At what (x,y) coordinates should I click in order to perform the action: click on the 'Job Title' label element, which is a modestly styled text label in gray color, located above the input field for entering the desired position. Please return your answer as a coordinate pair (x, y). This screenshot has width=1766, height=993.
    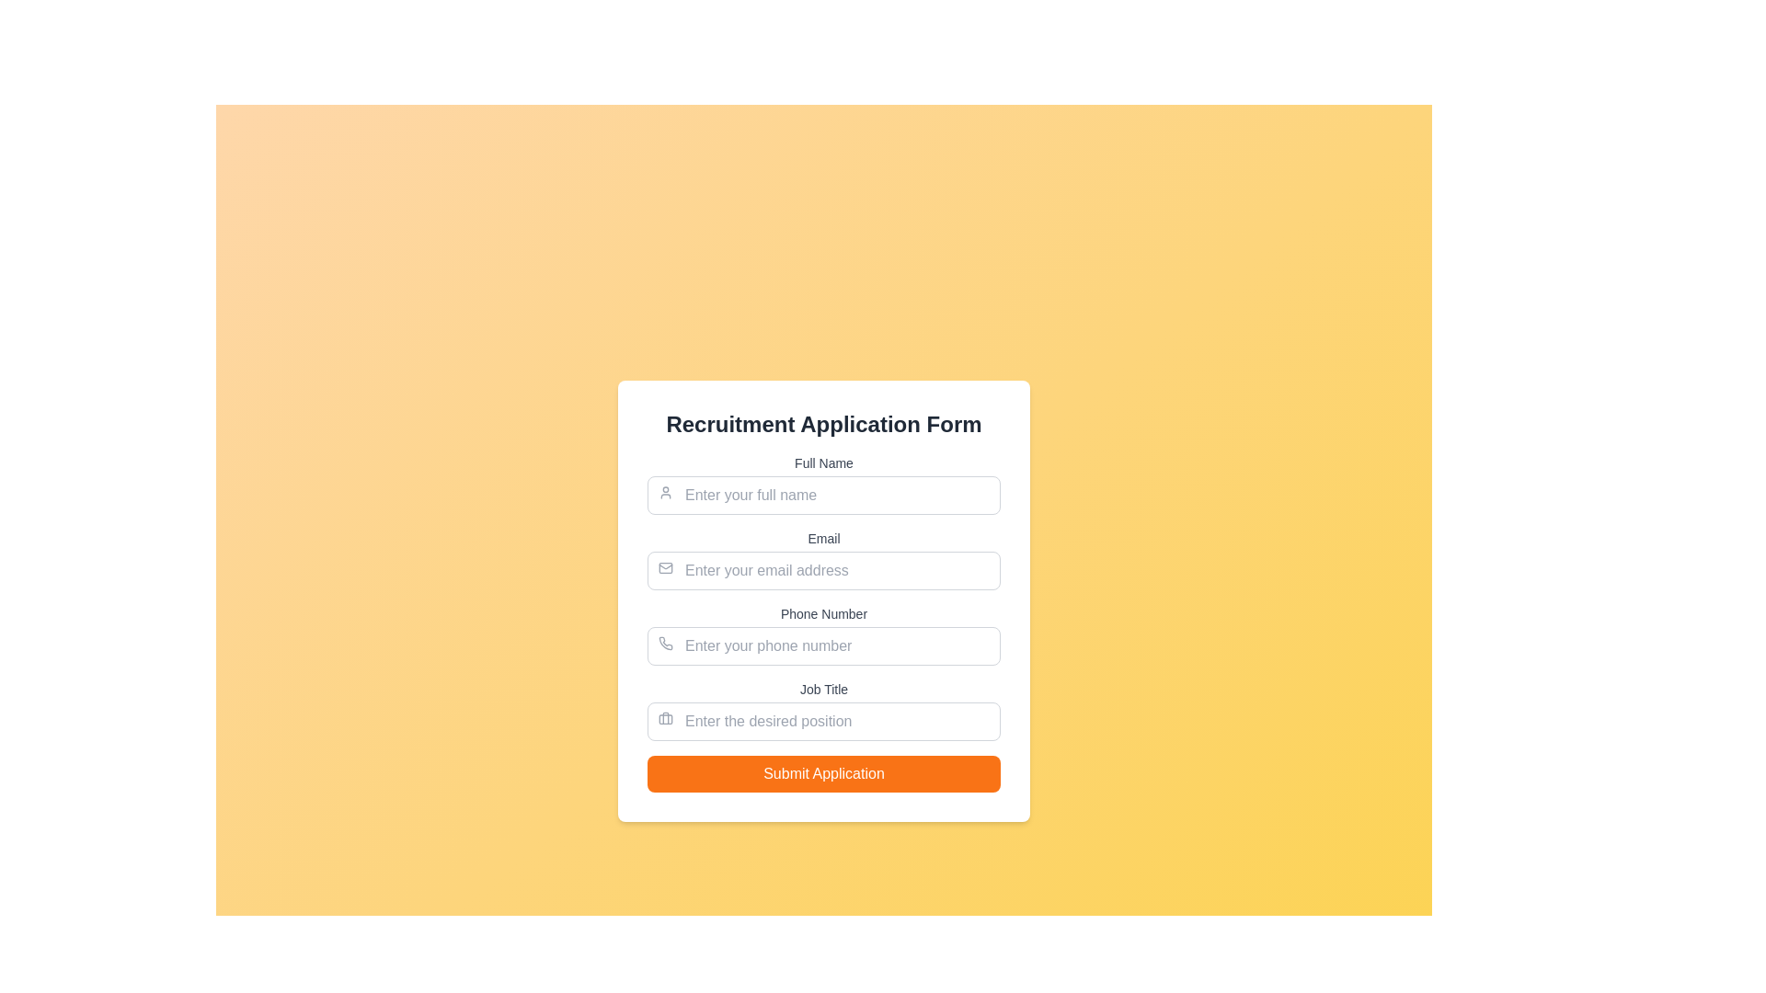
    Looking at the image, I should click on (823, 689).